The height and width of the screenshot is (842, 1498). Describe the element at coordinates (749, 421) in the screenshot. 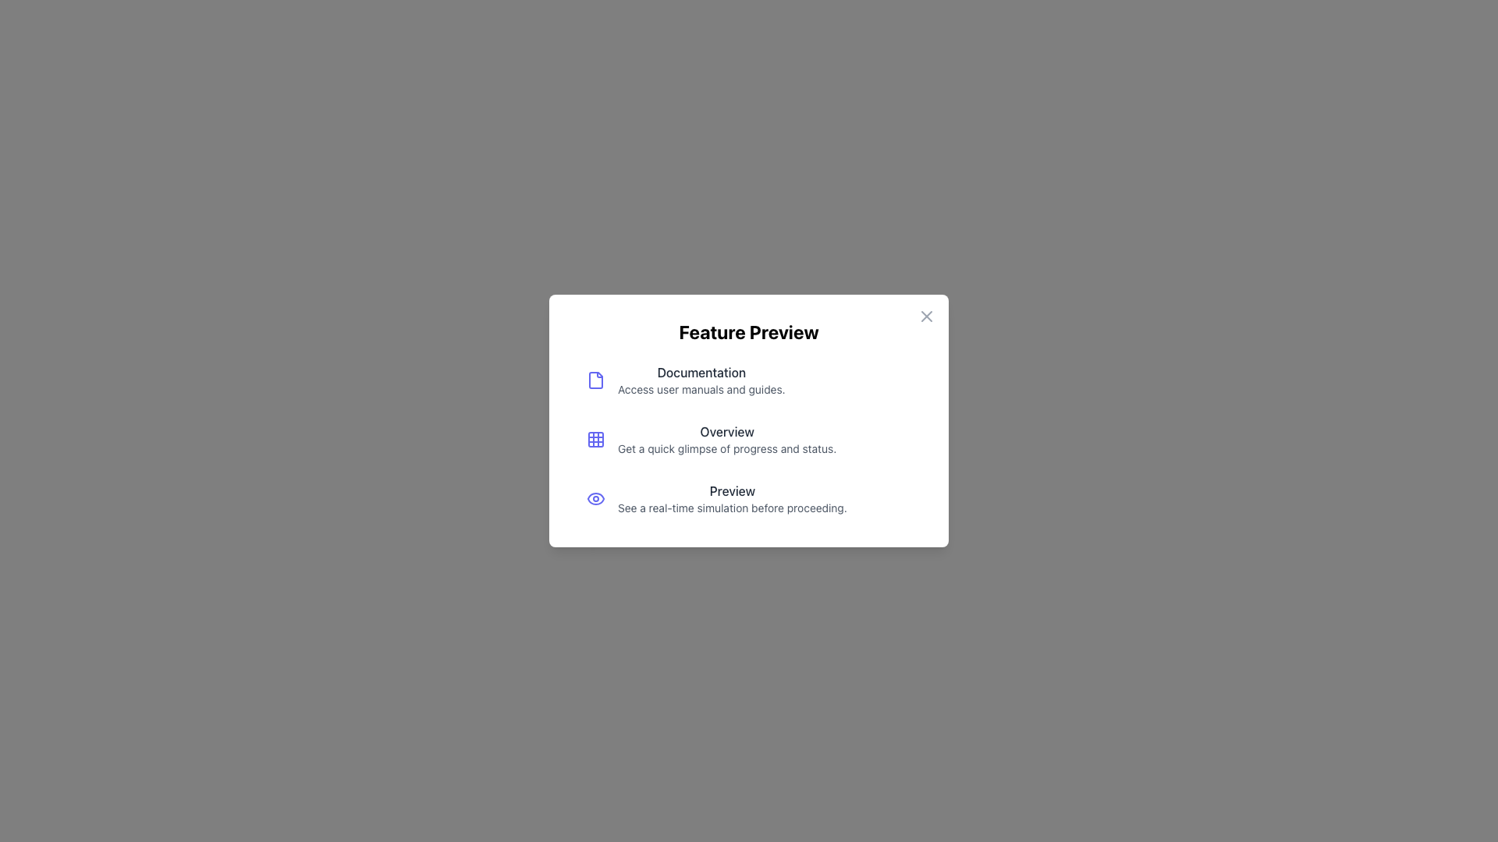

I see `the interactive list item labeled 'Overview' located in the feature preview dialog` at that location.